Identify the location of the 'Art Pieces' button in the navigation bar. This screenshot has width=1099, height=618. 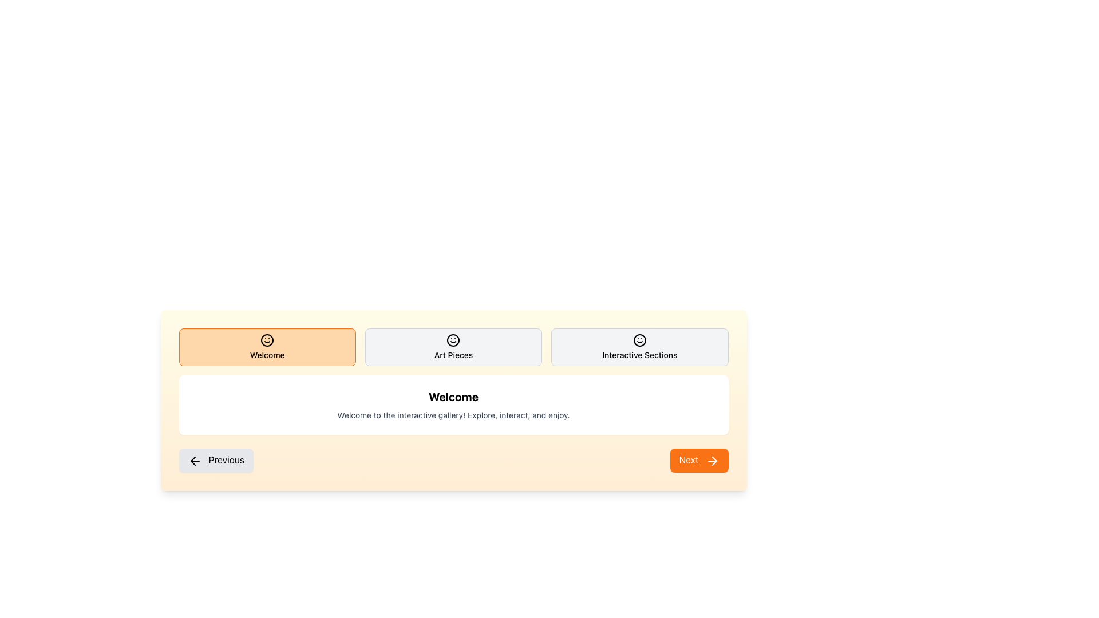
(453, 351).